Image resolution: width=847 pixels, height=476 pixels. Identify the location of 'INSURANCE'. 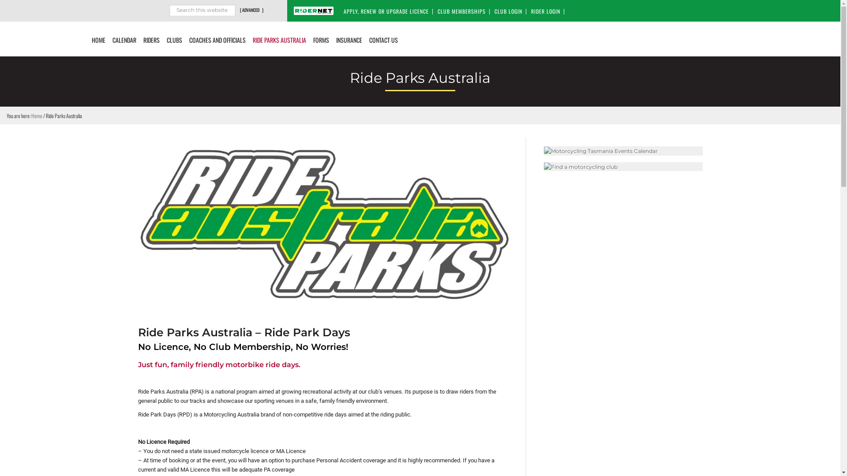
(349, 38).